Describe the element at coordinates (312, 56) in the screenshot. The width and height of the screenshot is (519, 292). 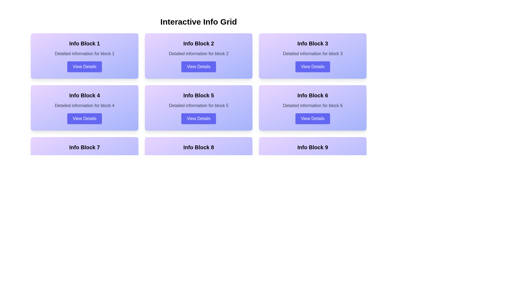
I see `the informational block labeled 'Info Block 3' to activate hover effects for scaling` at that location.